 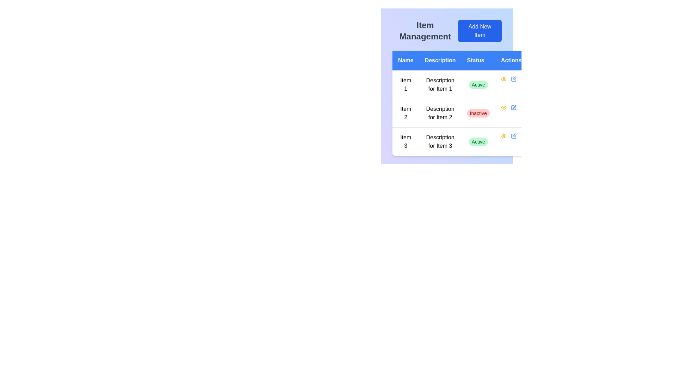 What do you see at coordinates (478, 84) in the screenshot?
I see `the 'Active' status label located in the 'Status' column of the first row in the table layout` at bounding box center [478, 84].